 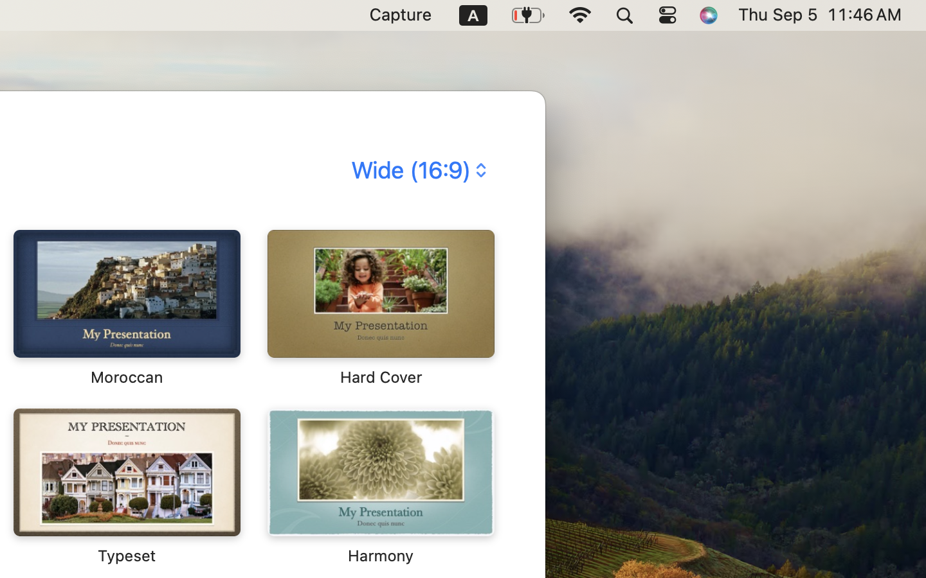 What do you see at coordinates (417, 169) in the screenshot?
I see `'Wide (16:9)'` at bounding box center [417, 169].